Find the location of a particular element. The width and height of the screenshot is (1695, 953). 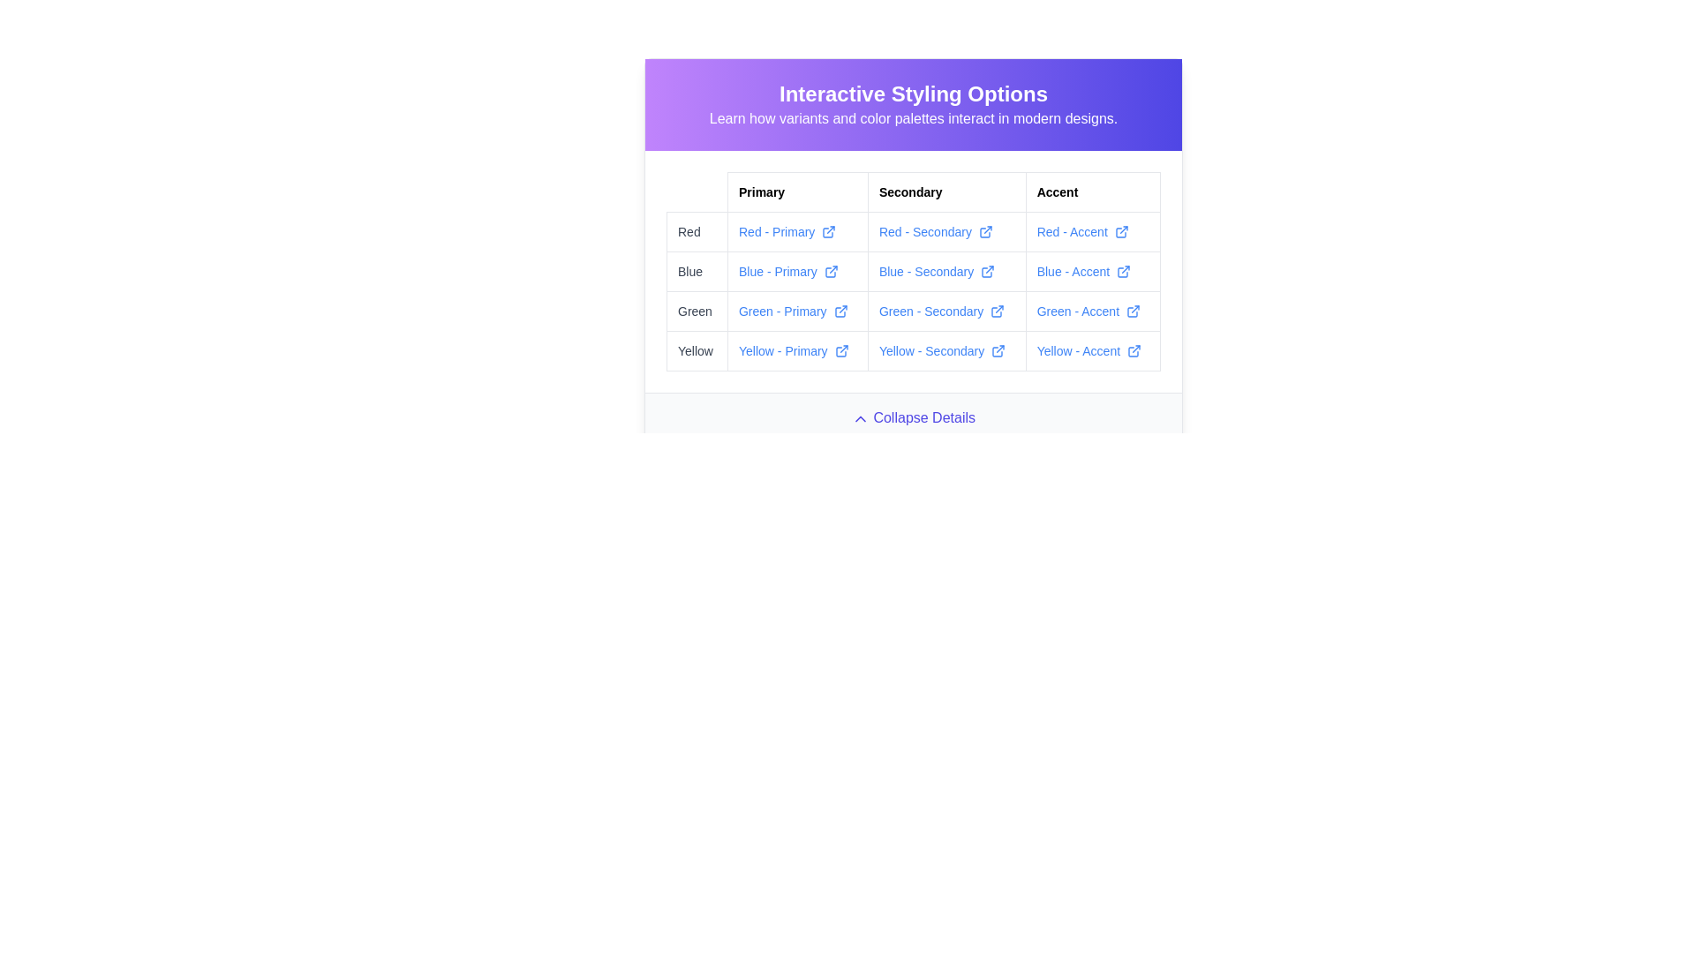

the 'Green - Secondary' hyperlink with an external link icon located in the third row and second column of the table under the 'Secondary' section is located at coordinates (940, 311).